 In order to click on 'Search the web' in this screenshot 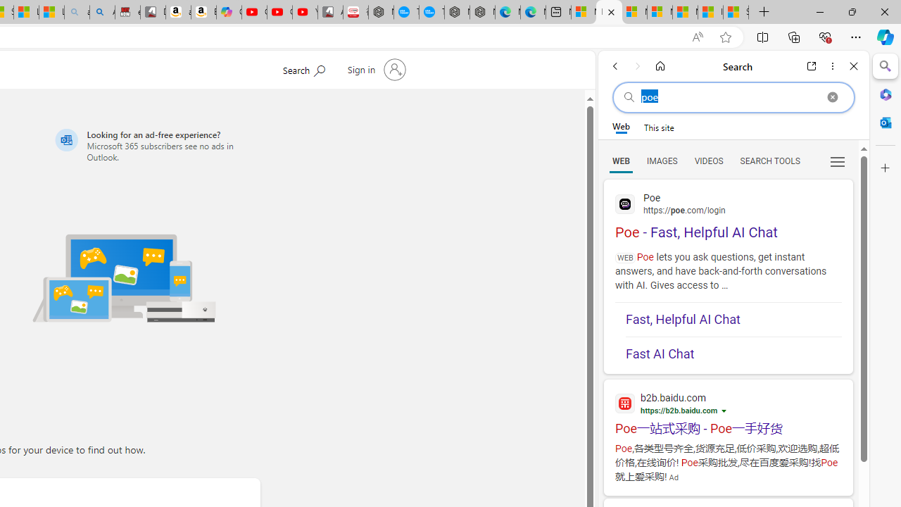, I will do `click(732, 96)`.